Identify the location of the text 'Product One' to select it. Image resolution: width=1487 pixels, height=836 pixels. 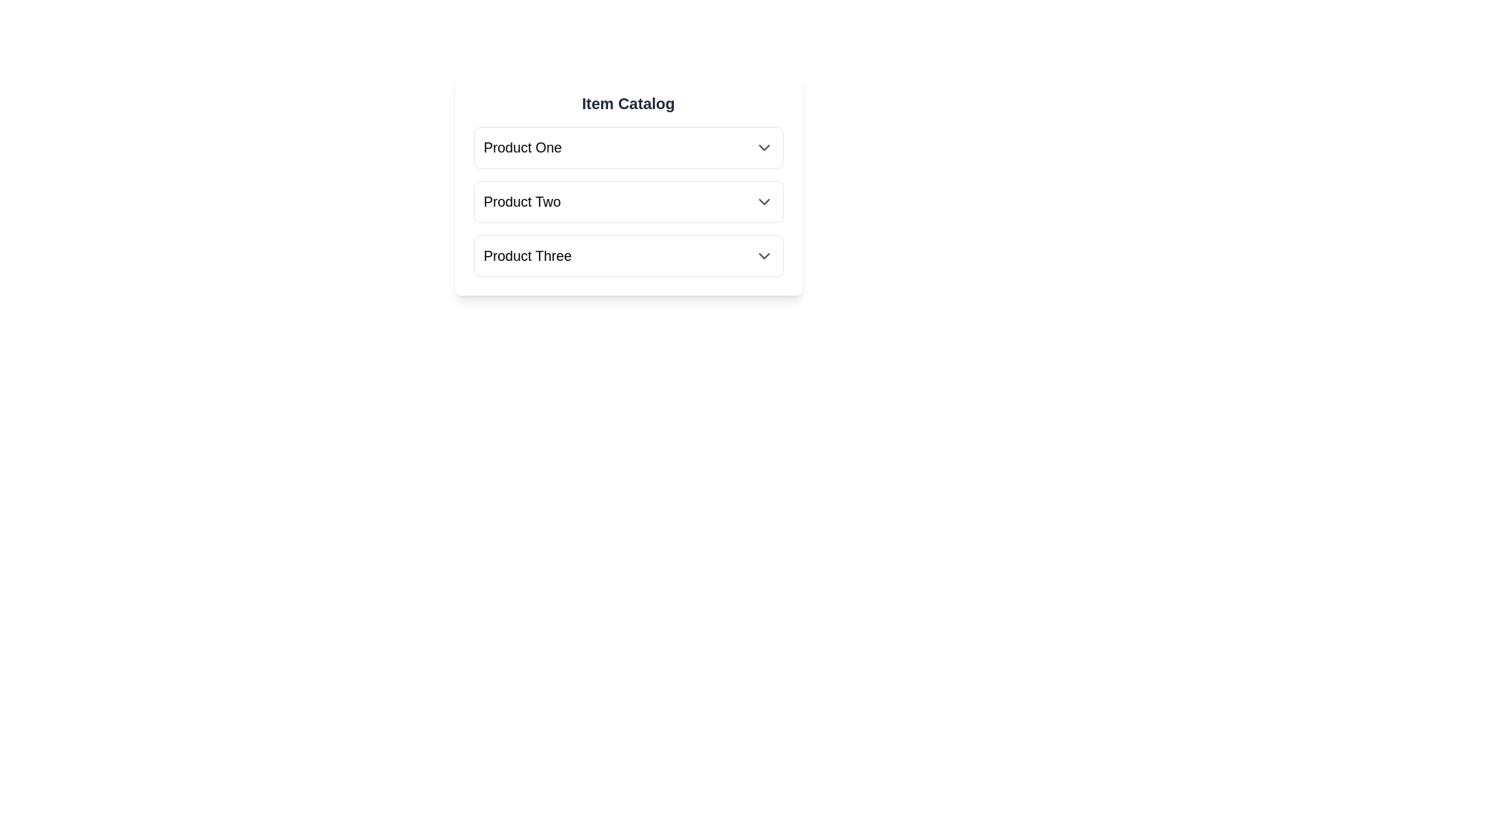
(523, 148).